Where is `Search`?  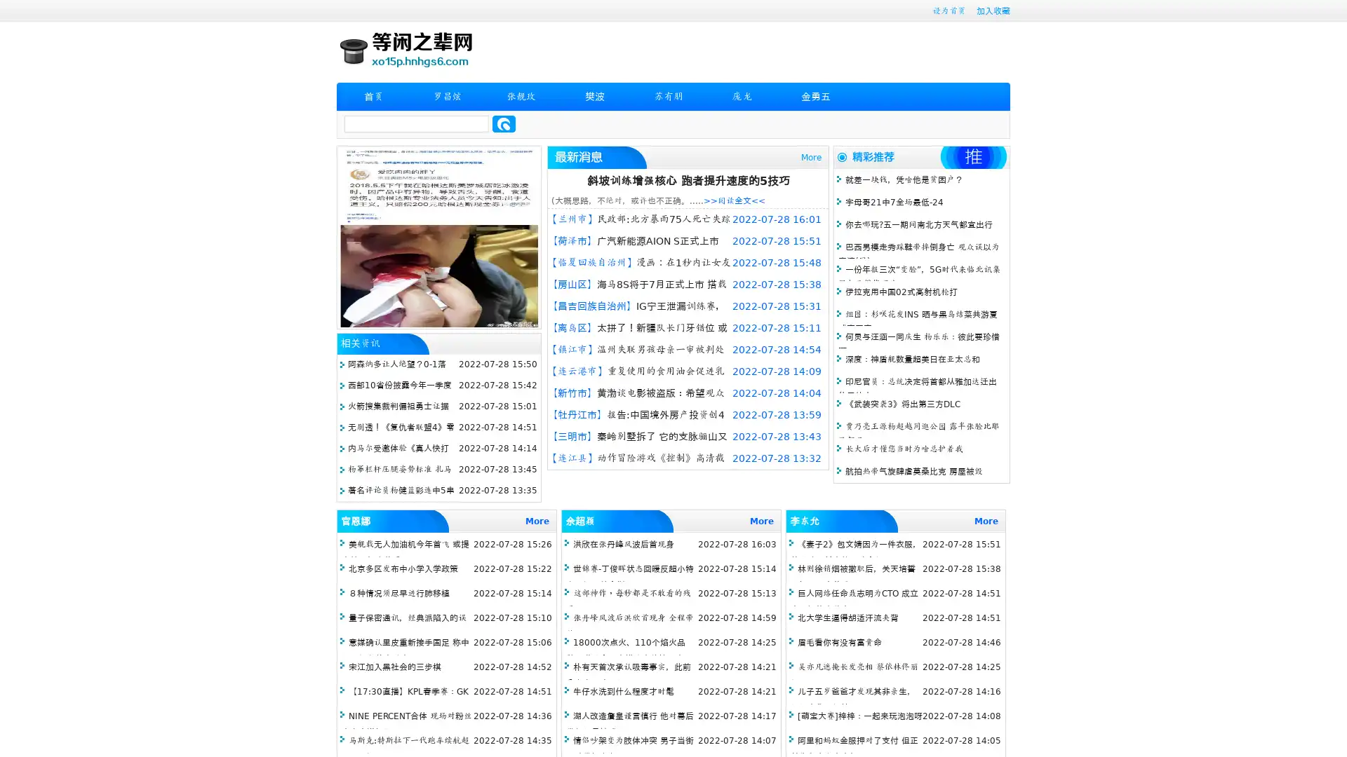 Search is located at coordinates (504, 123).